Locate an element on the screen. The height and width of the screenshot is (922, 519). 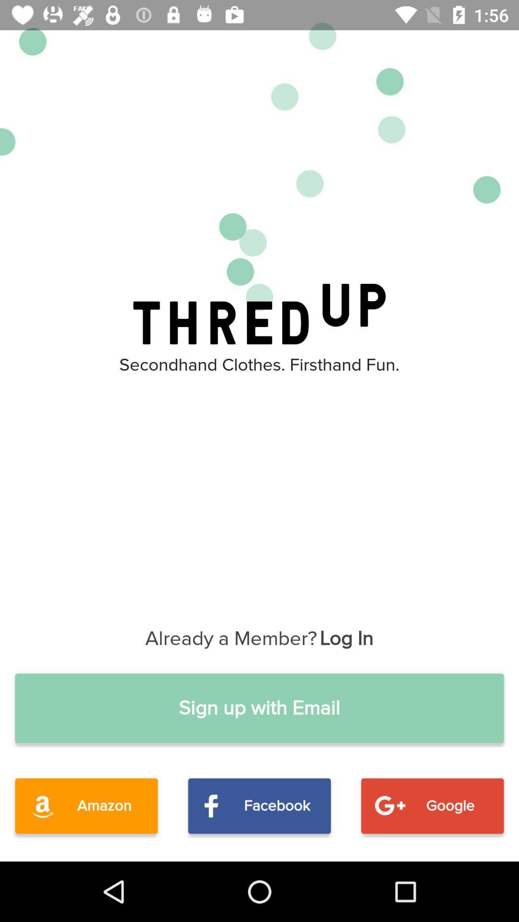
app below the already a member? is located at coordinates (259, 708).